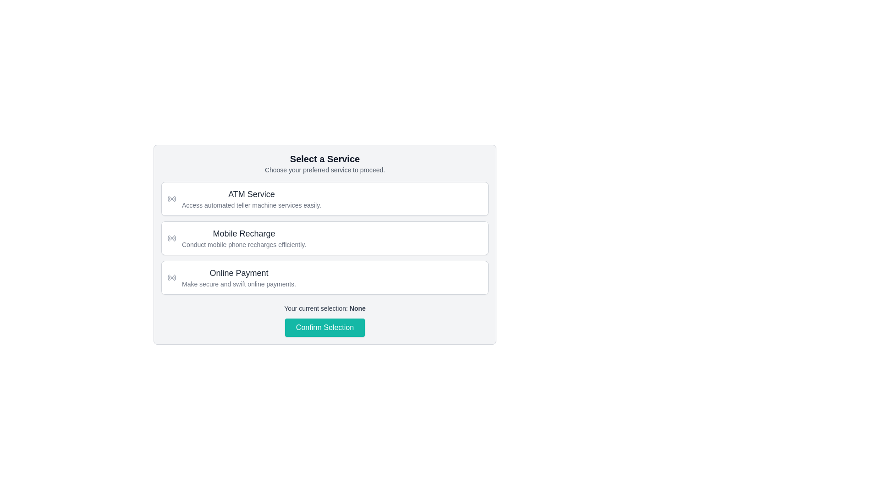 The image size is (880, 495). Describe the element at coordinates (239, 273) in the screenshot. I see `the prominently styled text element displaying 'Online Payment', which is centrally aligned at the top of its section` at that location.